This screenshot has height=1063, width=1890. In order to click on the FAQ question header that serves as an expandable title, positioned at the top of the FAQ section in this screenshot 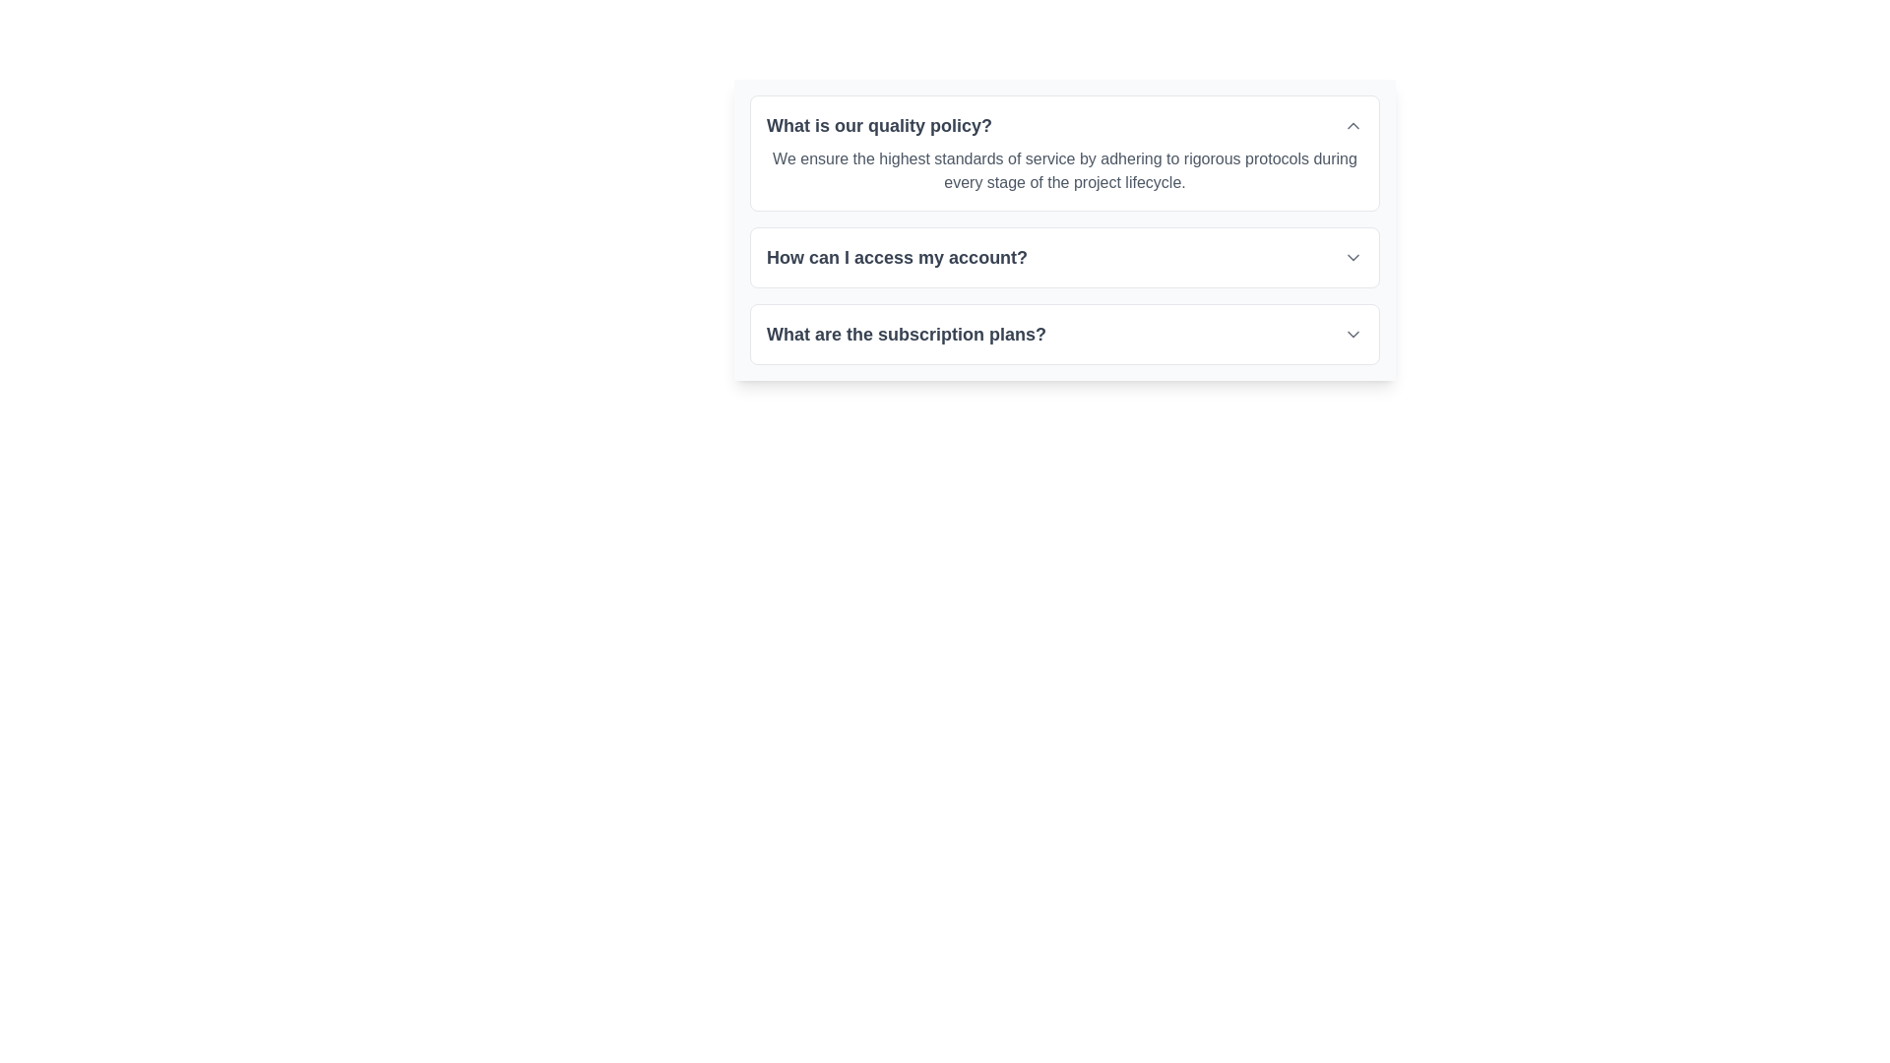, I will do `click(878, 125)`.